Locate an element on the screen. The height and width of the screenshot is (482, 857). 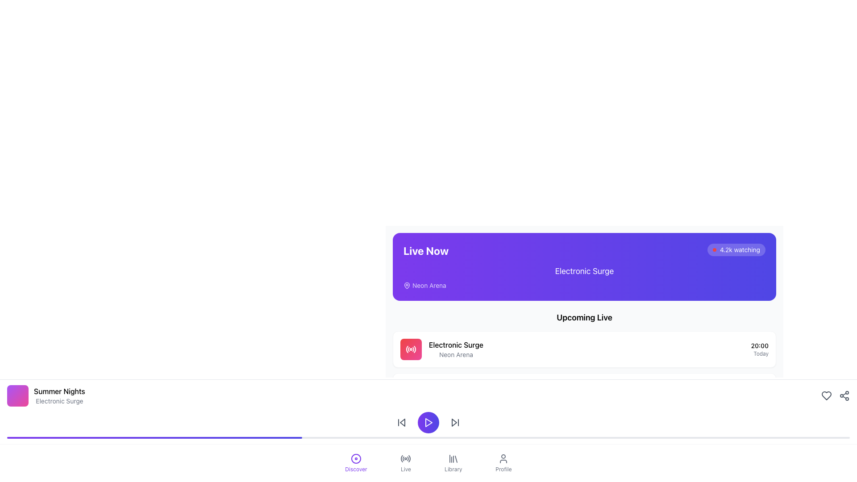
the text label that says 'Live', which is styled in a small font and appears beneath a radio signal icon in a muted gray color scheme is located at coordinates (405, 469).